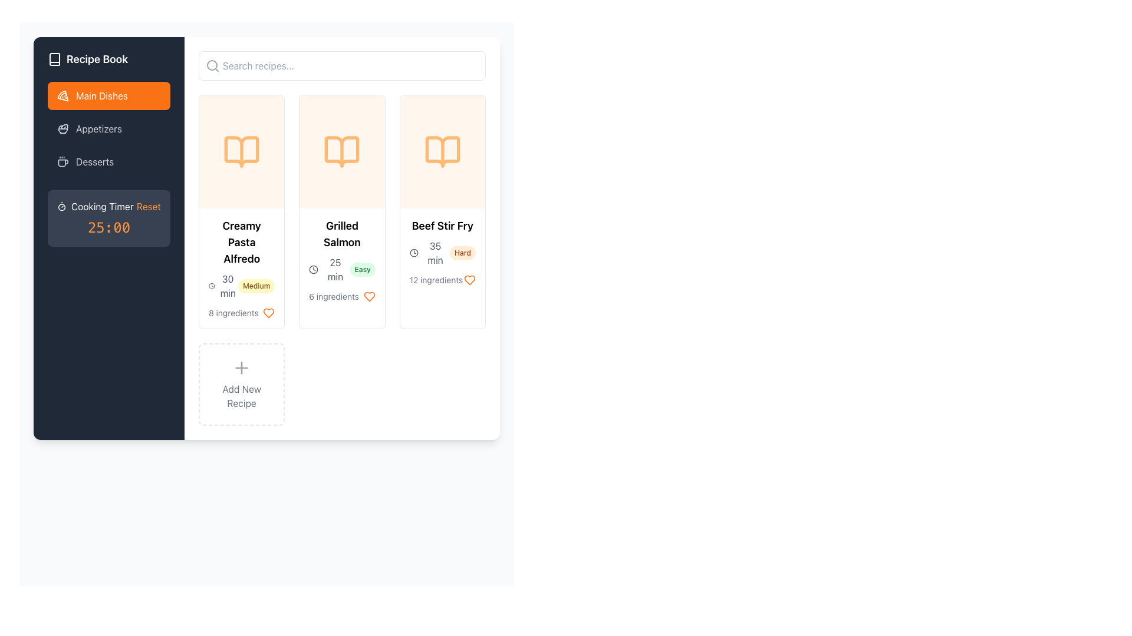  What do you see at coordinates (241, 151) in the screenshot?
I see `the IconPlaceholder element with a light orange background containing an open book icon, located at the top of the 'Creamy Pasta Alfredo' recipe card` at bounding box center [241, 151].